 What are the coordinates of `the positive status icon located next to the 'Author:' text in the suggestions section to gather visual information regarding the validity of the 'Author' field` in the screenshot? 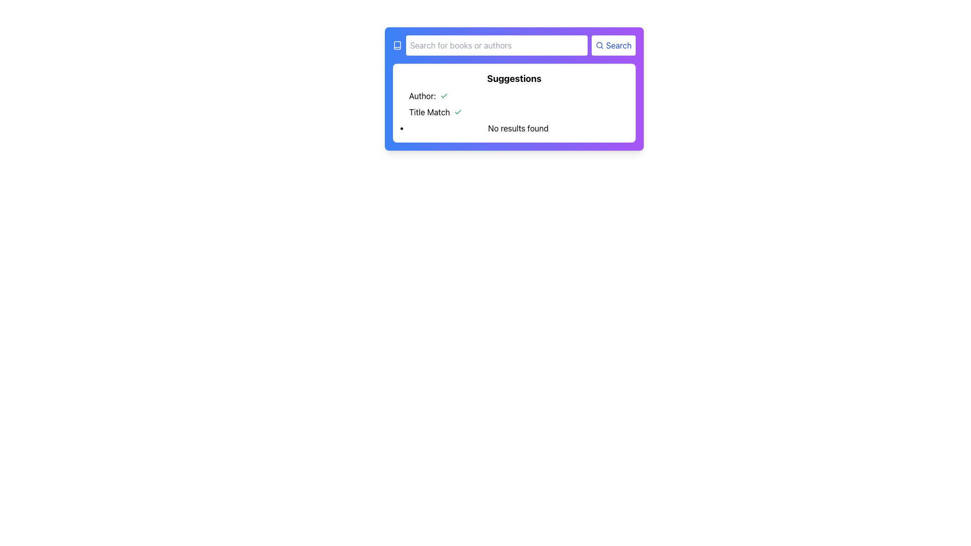 It's located at (457, 112).